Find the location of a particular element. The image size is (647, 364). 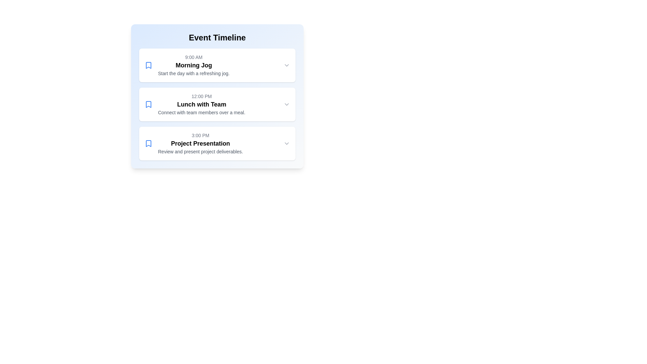

the text block describing the event 'Lunch with Team' scheduled for 12:00 PM, which is located between 'Morning Jog' and 'Project Presentation' in the timeline is located at coordinates (201, 104).